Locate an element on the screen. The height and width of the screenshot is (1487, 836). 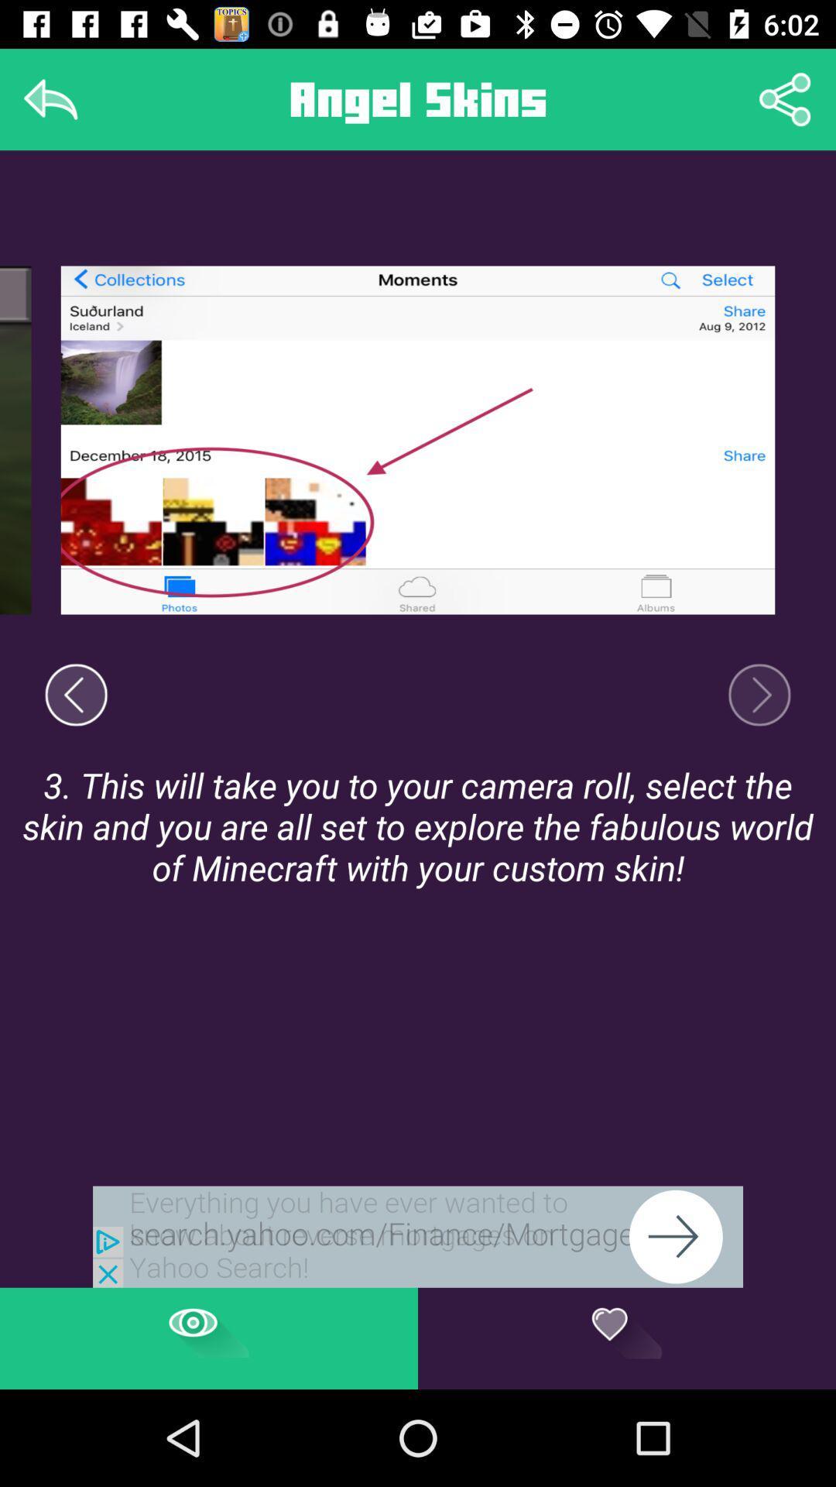
the reply icon is located at coordinates (50, 98).